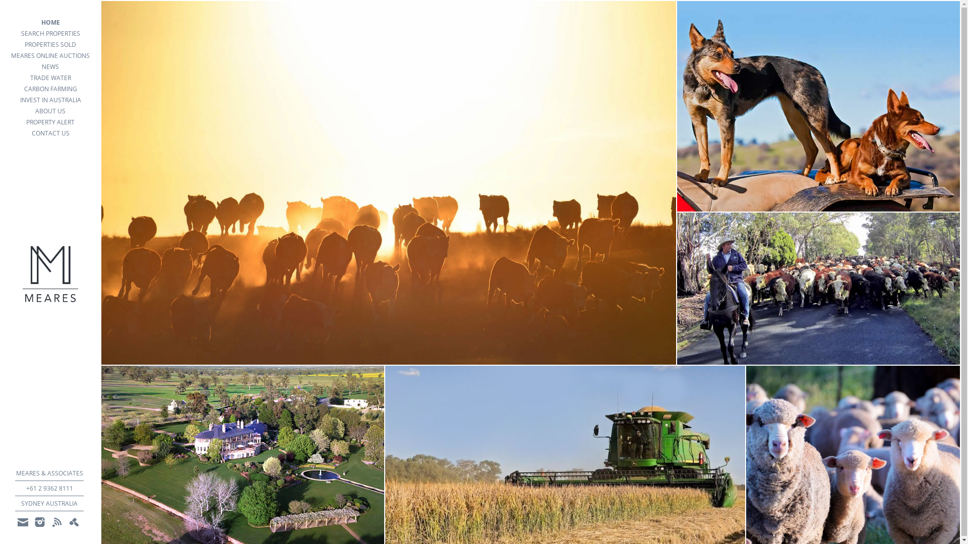 This screenshot has height=544, width=968. Describe the element at coordinates (50, 33) in the screenshot. I see `'SEARCH PROPERTIES'` at that location.